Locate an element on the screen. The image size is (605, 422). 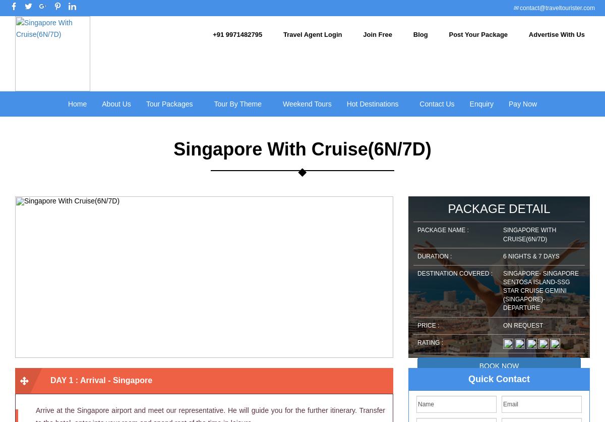
'Package Detail' is located at coordinates (499, 208).